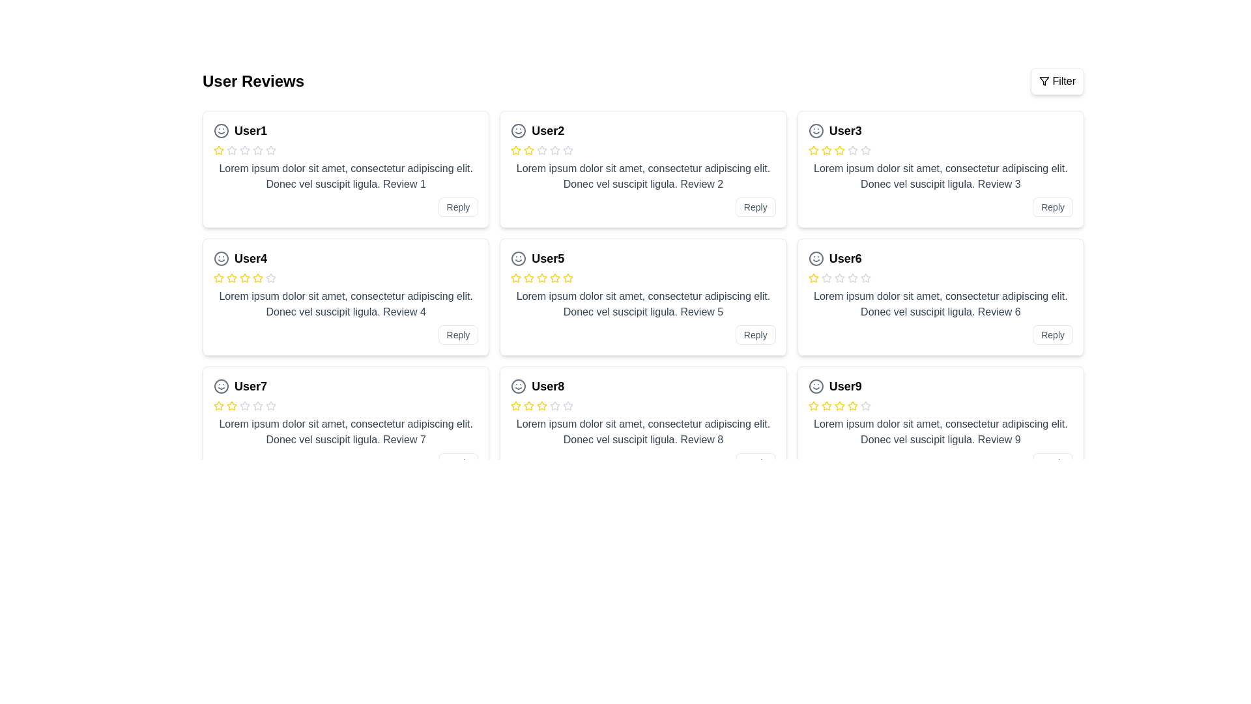 Image resolution: width=1251 pixels, height=704 pixels. I want to click on the second star icon, so click(839, 277).